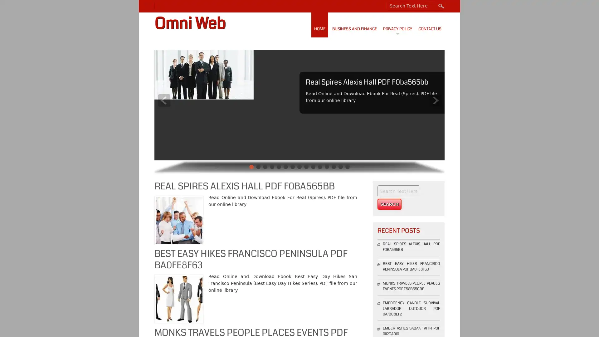  I want to click on Search, so click(389, 204).